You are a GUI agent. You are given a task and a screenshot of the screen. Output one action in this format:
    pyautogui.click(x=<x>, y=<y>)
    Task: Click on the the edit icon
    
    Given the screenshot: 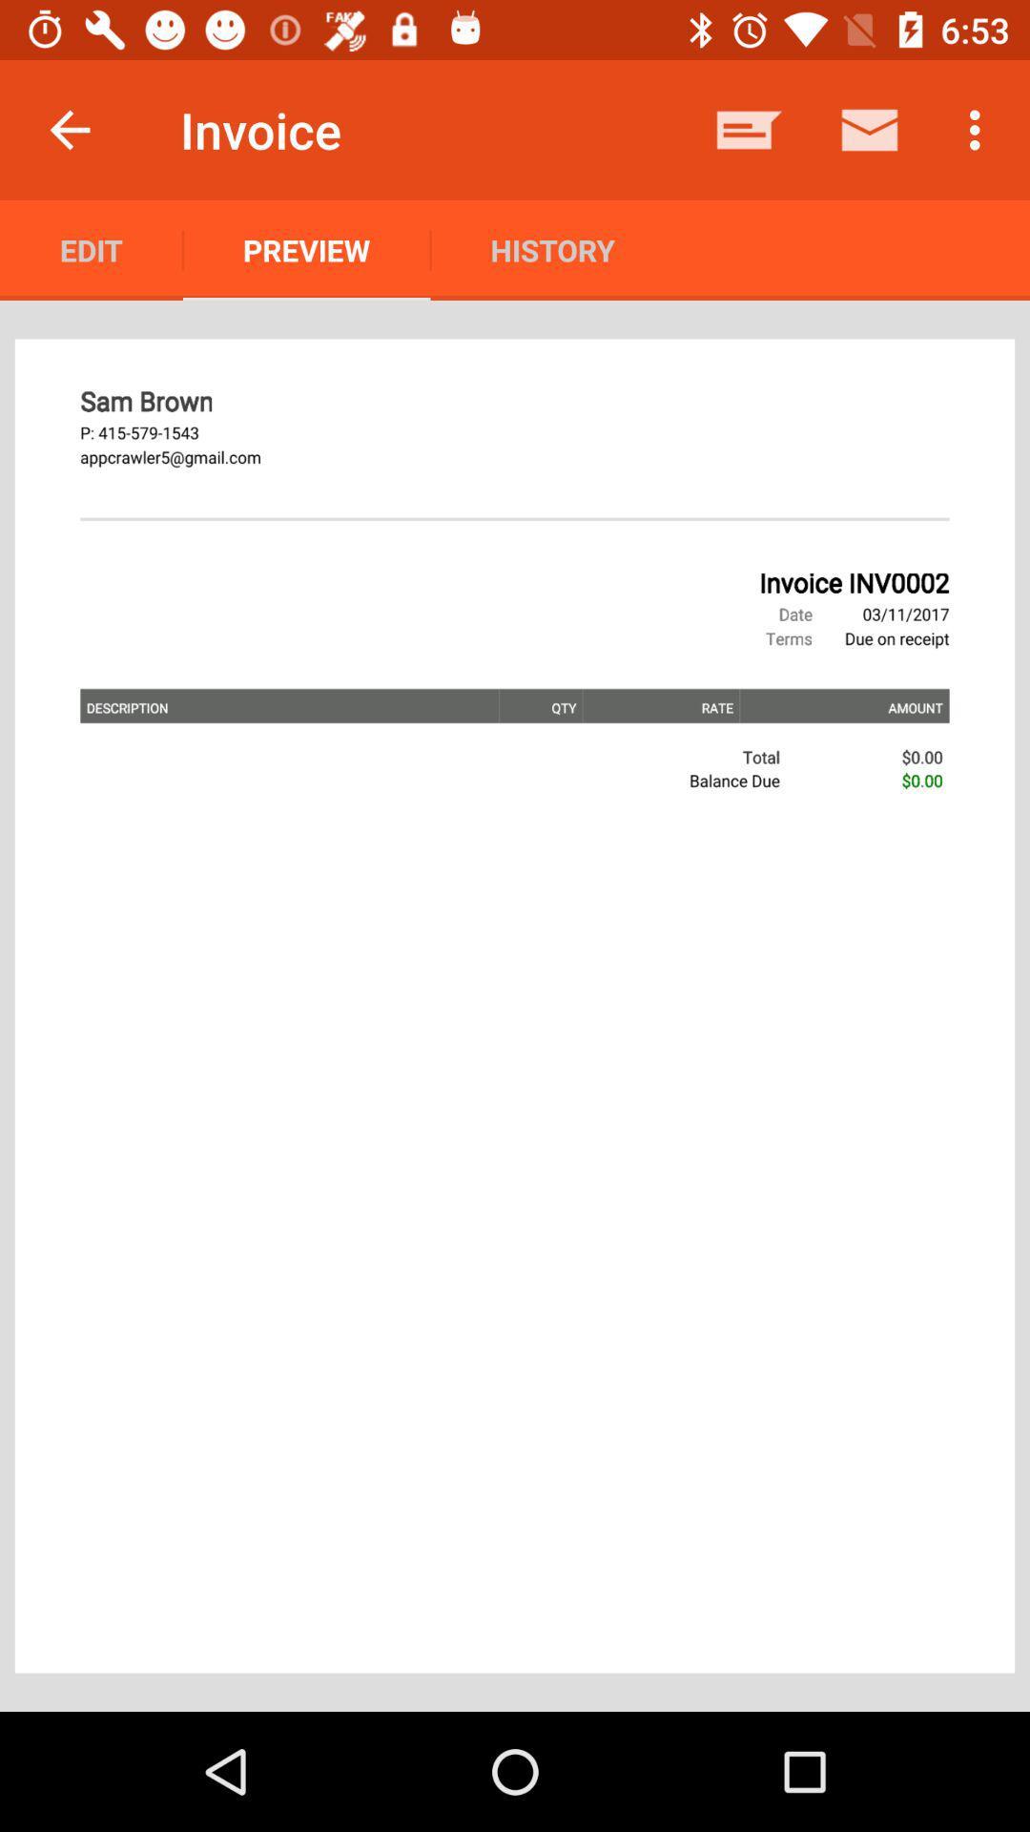 What is the action you would take?
    pyautogui.click(x=92, y=249)
    